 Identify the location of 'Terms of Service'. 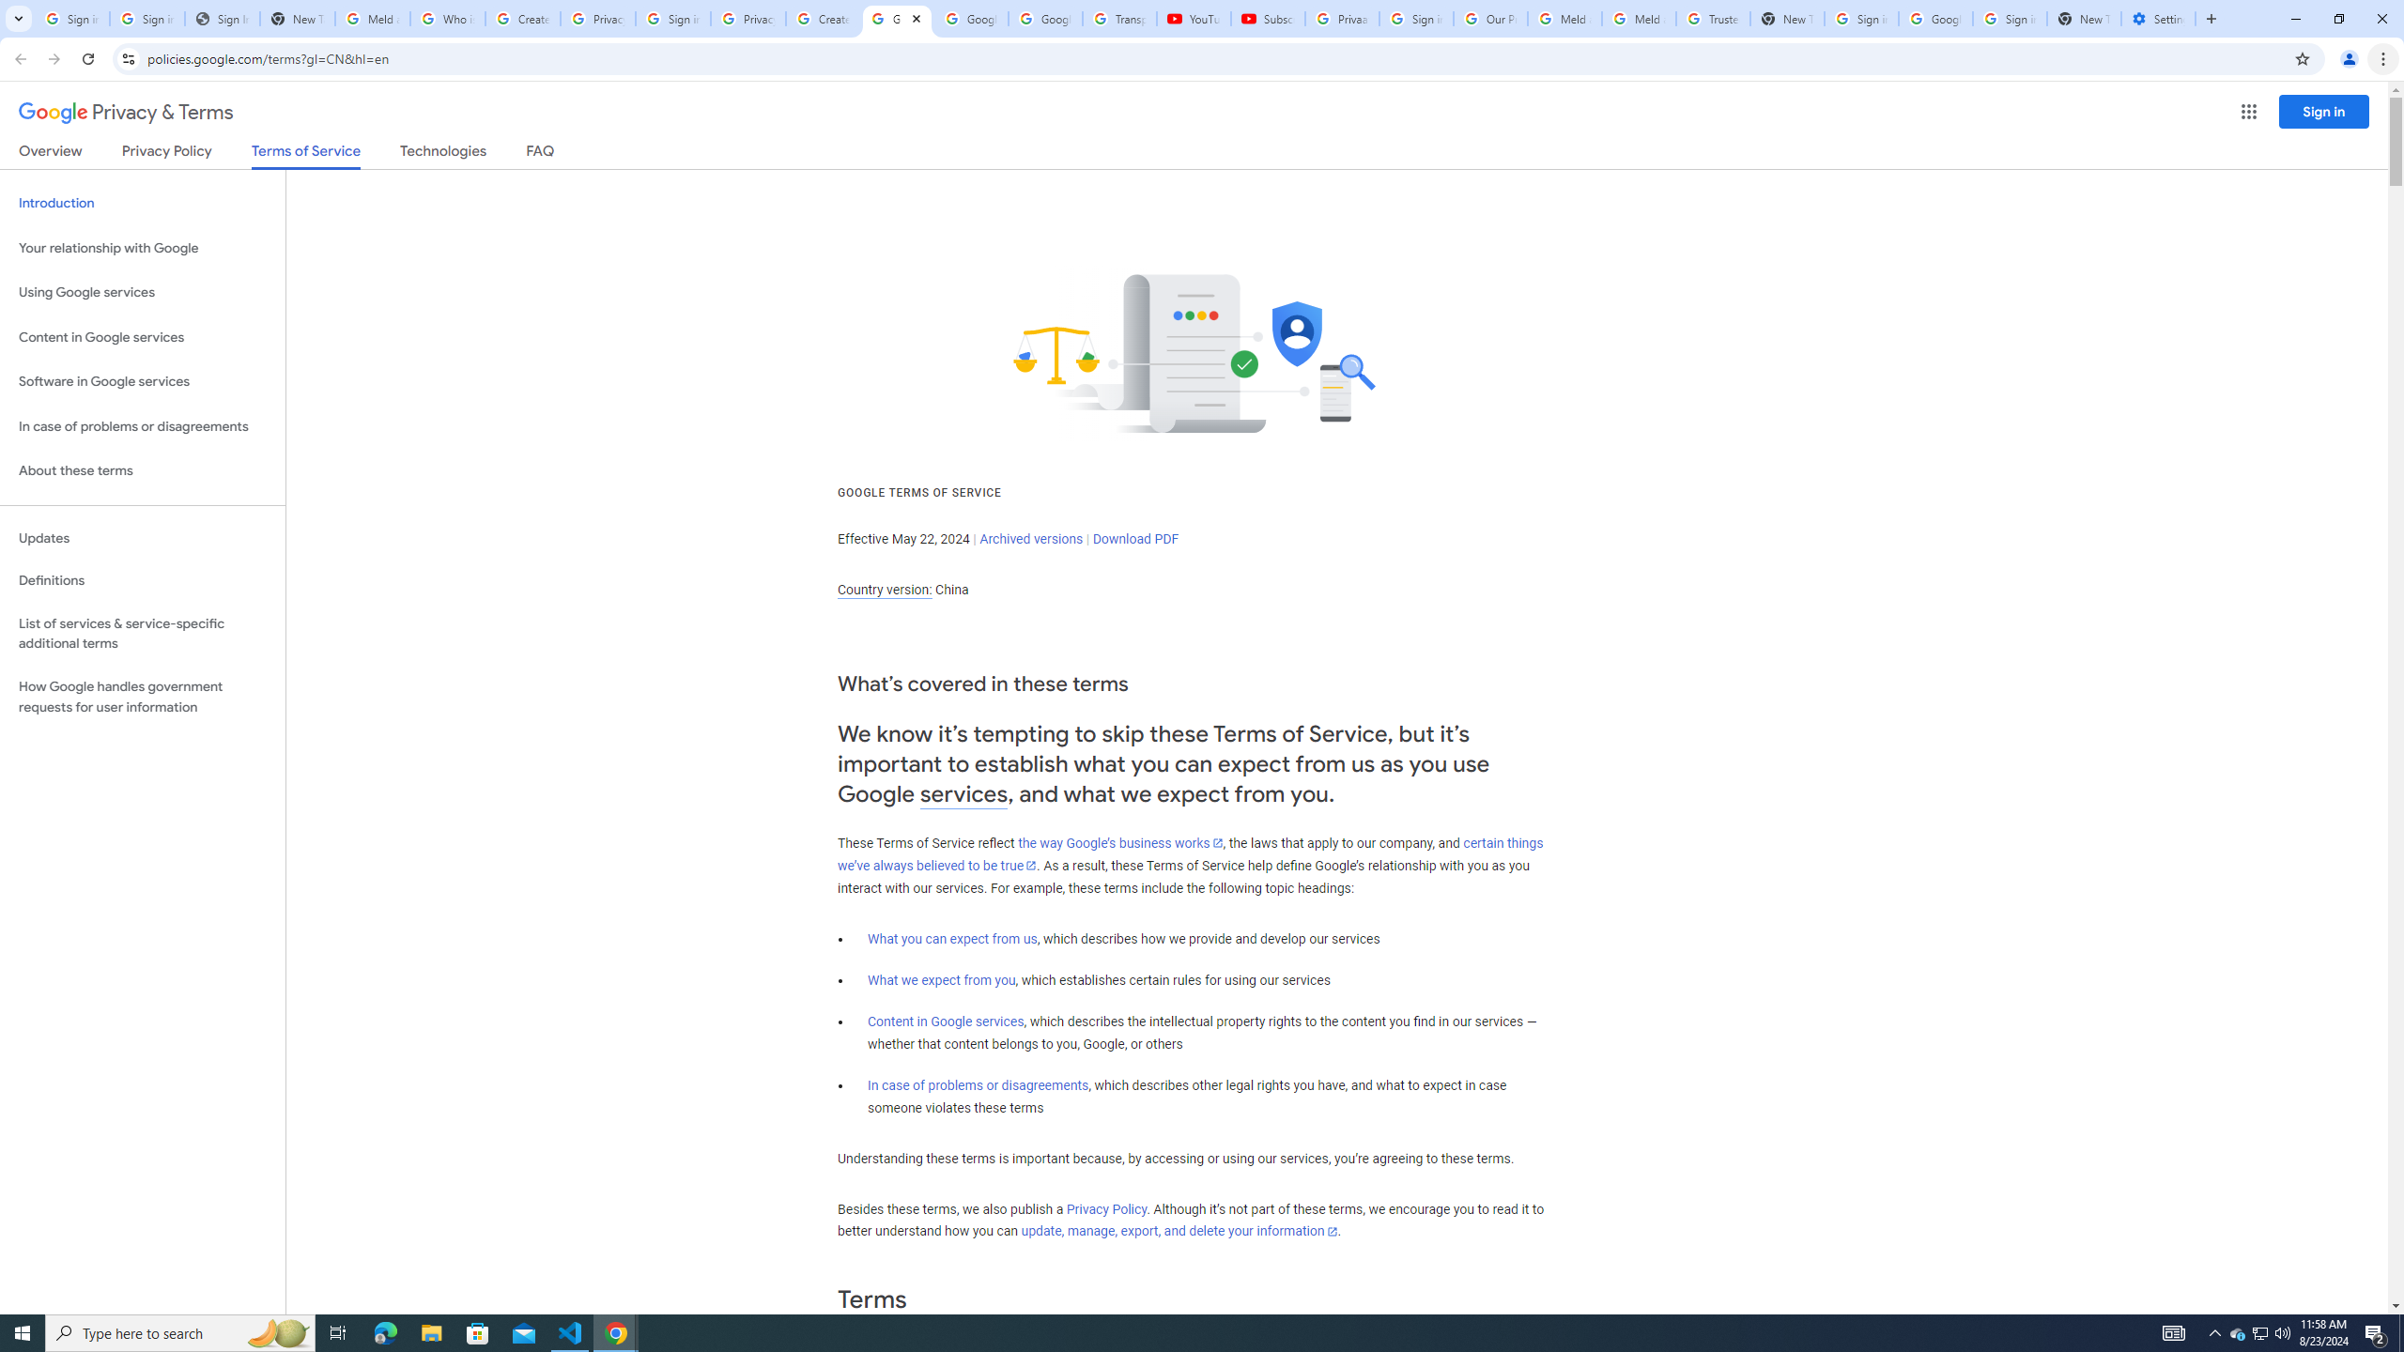
(305, 155).